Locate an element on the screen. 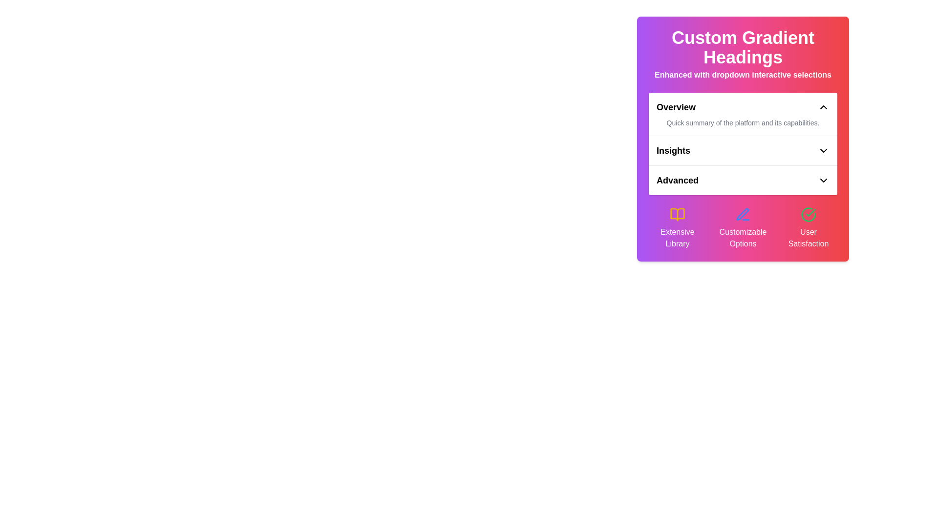  the graphical icon representing an open book, which is part of the 'Extensive Library' feature, located at the bottom left section of a gradient-colored panel is located at coordinates (677, 214).